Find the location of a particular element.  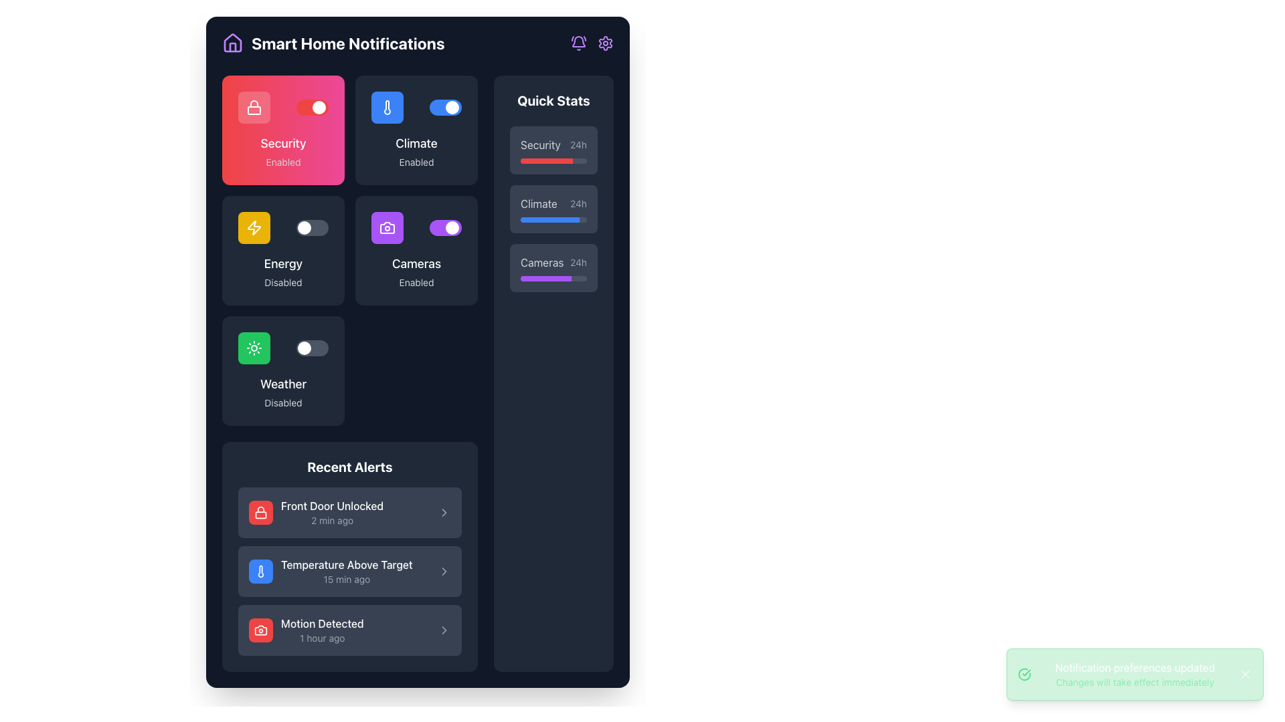

the house icon located at the top-left corner, representing the 'home' or dashboard context, if it is interactive is located at coordinates (232, 46).